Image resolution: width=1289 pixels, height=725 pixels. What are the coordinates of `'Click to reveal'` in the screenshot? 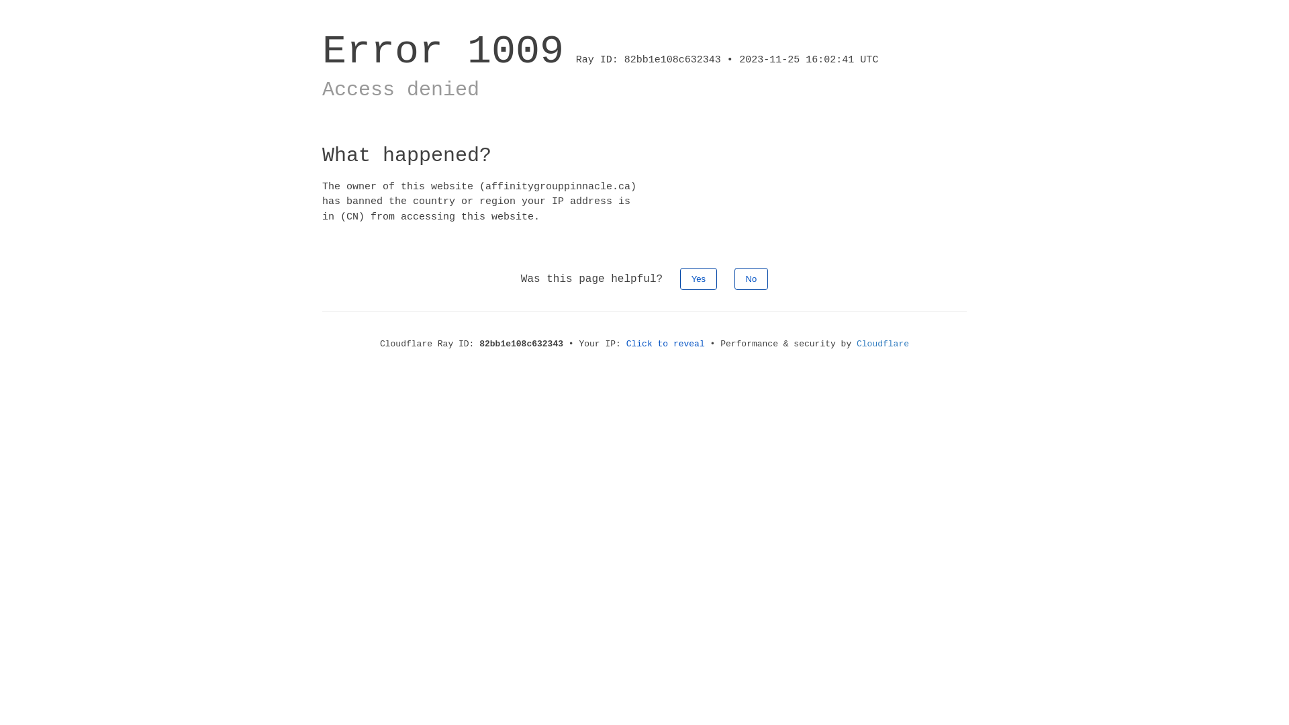 It's located at (665, 343).